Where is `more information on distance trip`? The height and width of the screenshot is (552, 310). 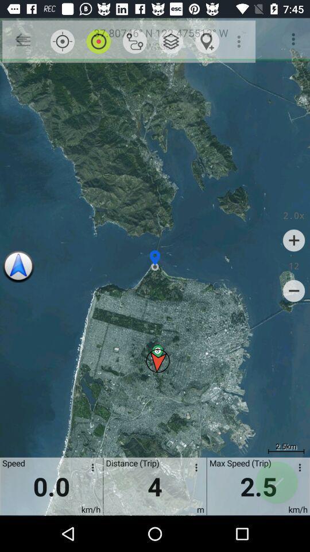
more information on distance trip is located at coordinates (193, 469).